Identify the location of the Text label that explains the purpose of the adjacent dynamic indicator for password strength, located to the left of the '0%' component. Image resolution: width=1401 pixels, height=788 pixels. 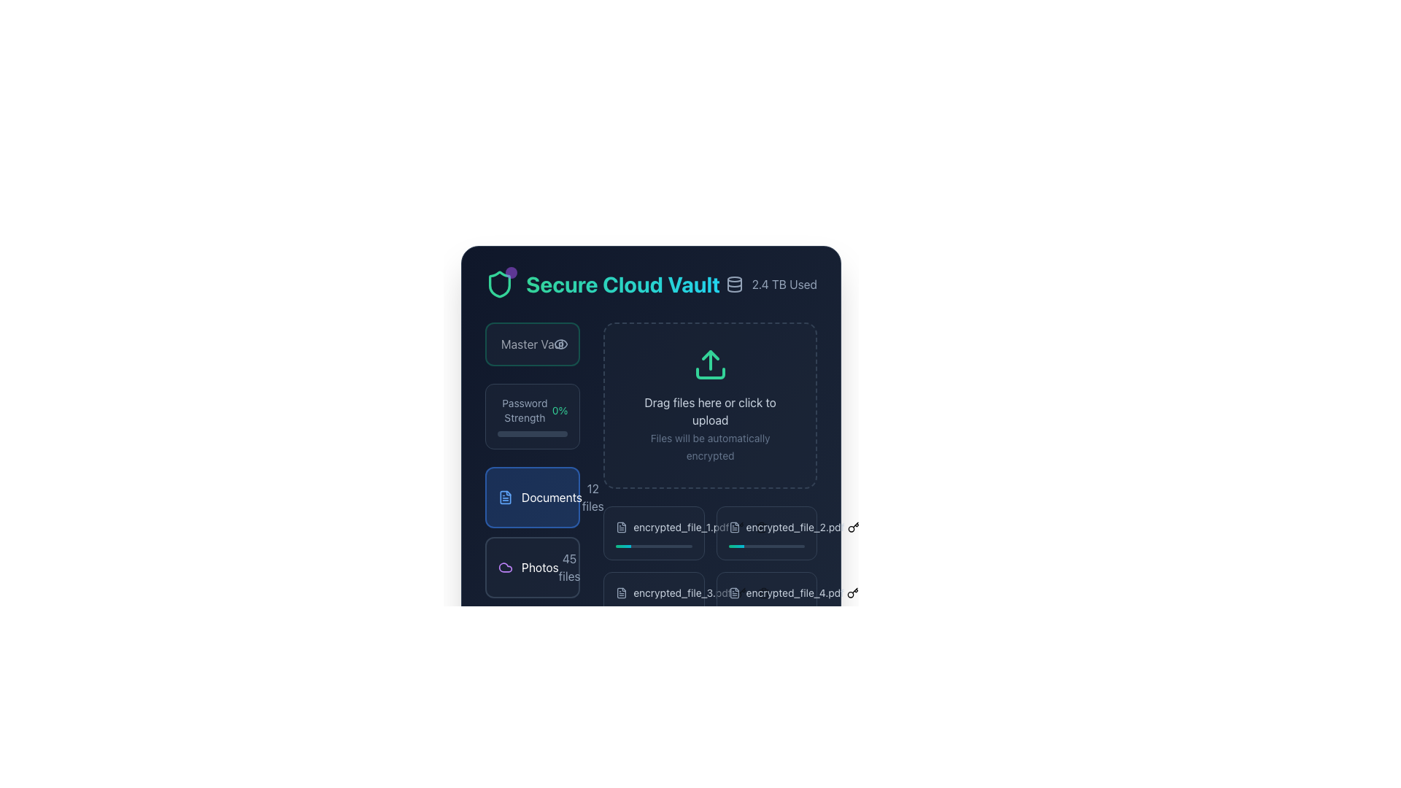
(525, 411).